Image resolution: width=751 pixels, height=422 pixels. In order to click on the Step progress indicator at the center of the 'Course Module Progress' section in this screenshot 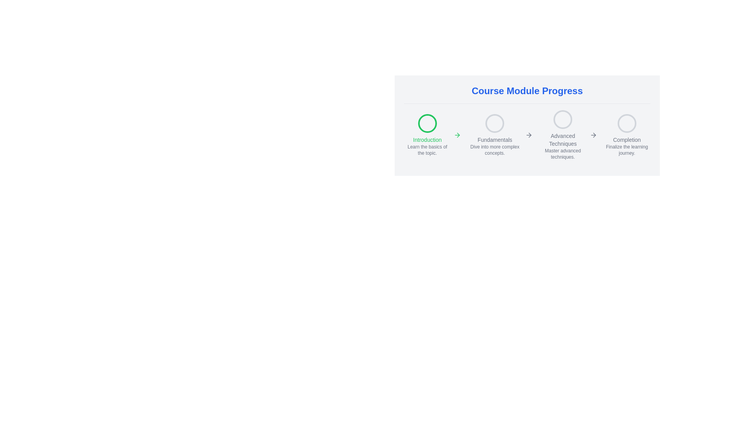, I will do `click(527, 135)`.